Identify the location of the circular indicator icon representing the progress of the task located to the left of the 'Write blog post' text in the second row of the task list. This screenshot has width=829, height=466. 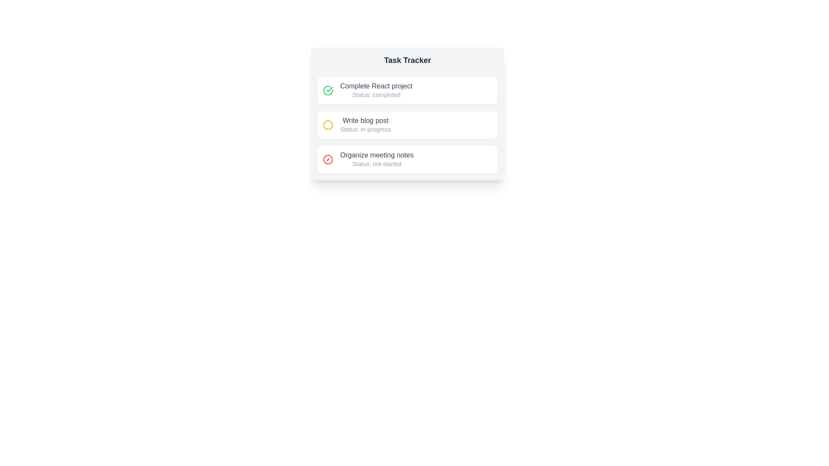
(327, 125).